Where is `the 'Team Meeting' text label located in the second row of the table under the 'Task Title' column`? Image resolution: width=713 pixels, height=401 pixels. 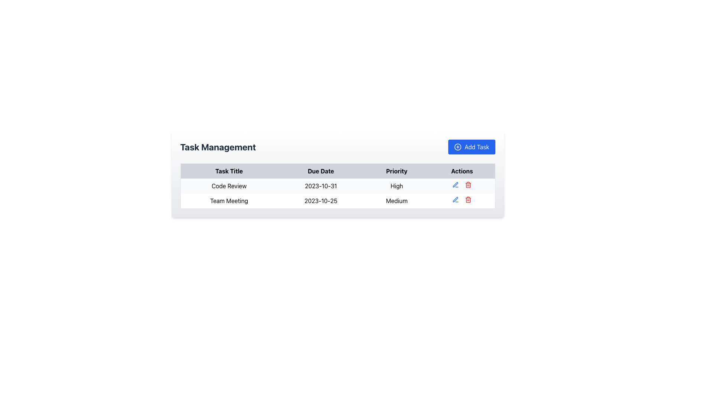 the 'Team Meeting' text label located in the second row of the table under the 'Task Title' column is located at coordinates (228, 201).